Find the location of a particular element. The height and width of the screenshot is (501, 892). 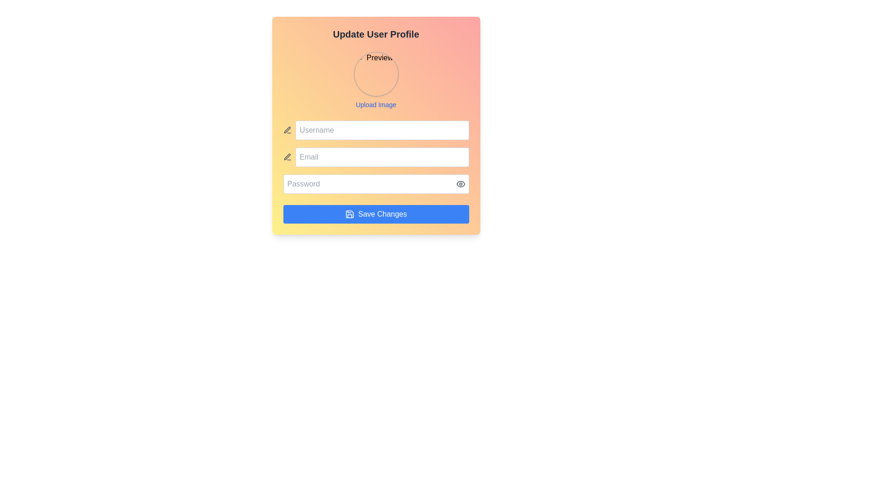

the icon located on the left side of the 'Save Changes' button, which serves as a visual indicator for saving changes is located at coordinates (349, 214).